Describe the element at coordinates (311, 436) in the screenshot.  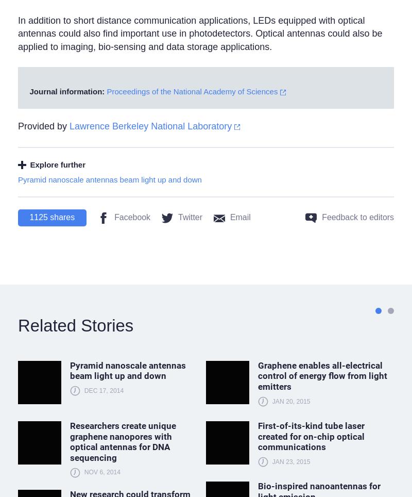
I see `'First-of-its-kind tube laser created for on-chip optical communications'` at that location.